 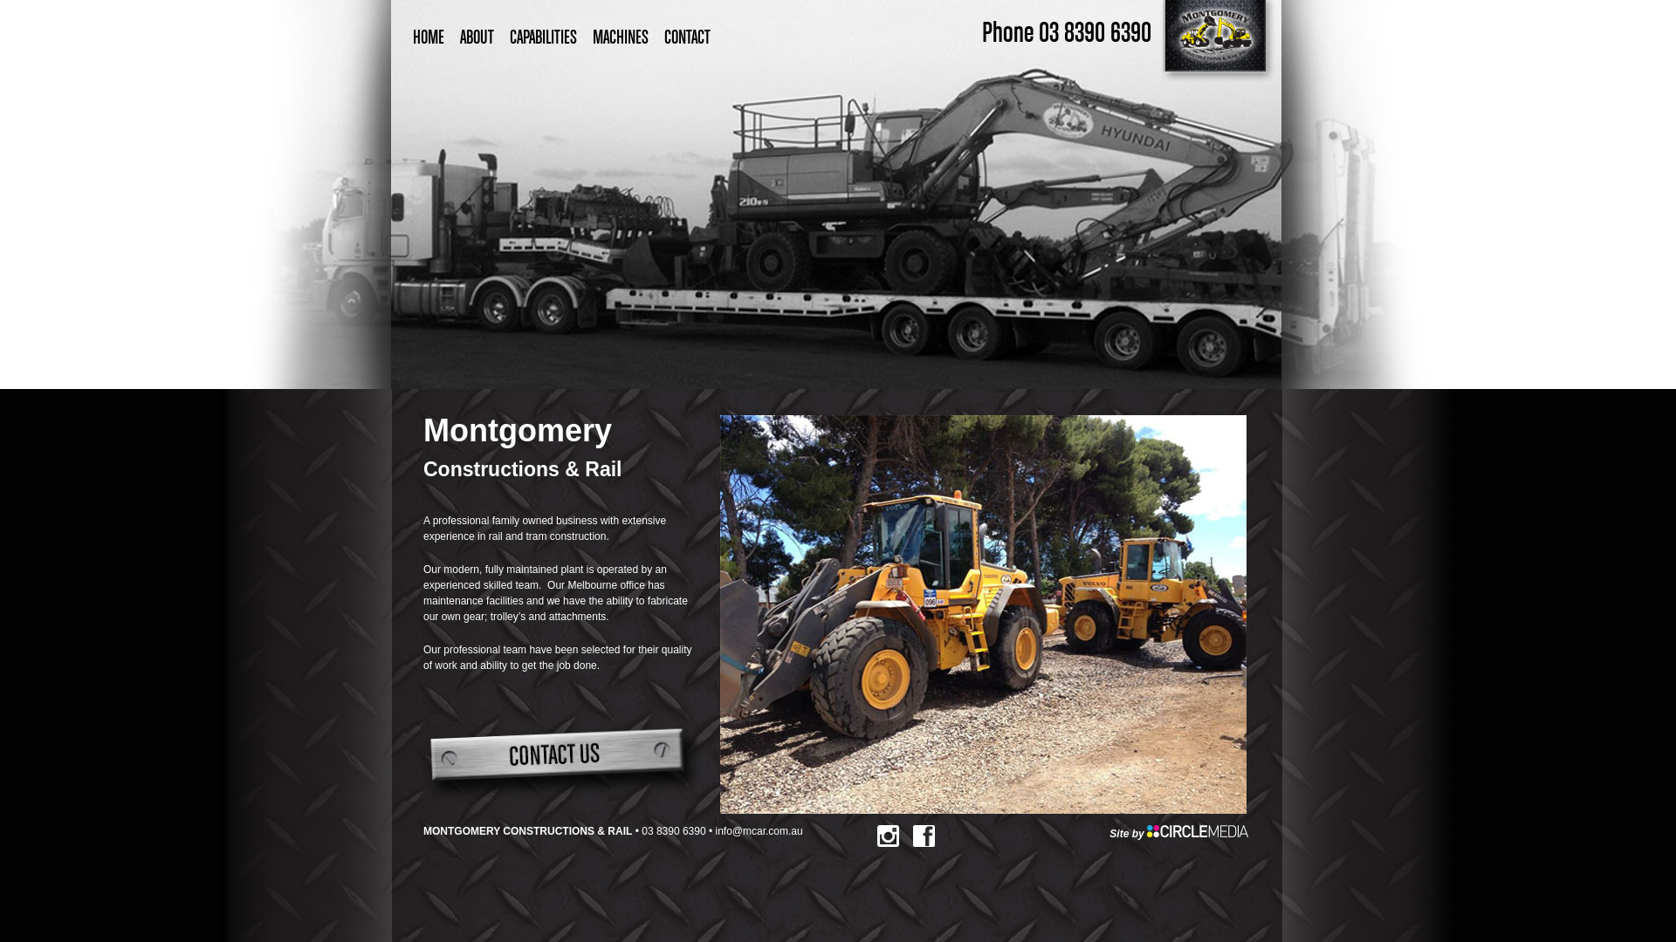 I want to click on 'CAPABILITIES', so click(x=509, y=38).